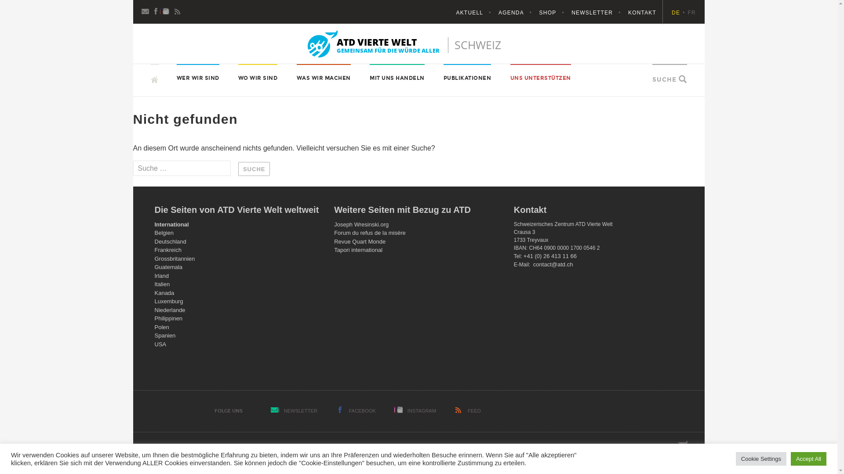 This screenshot has height=474, width=844. Describe the element at coordinates (238, 77) in the screenshot. I see `'WO WIR SIND'` at that location.